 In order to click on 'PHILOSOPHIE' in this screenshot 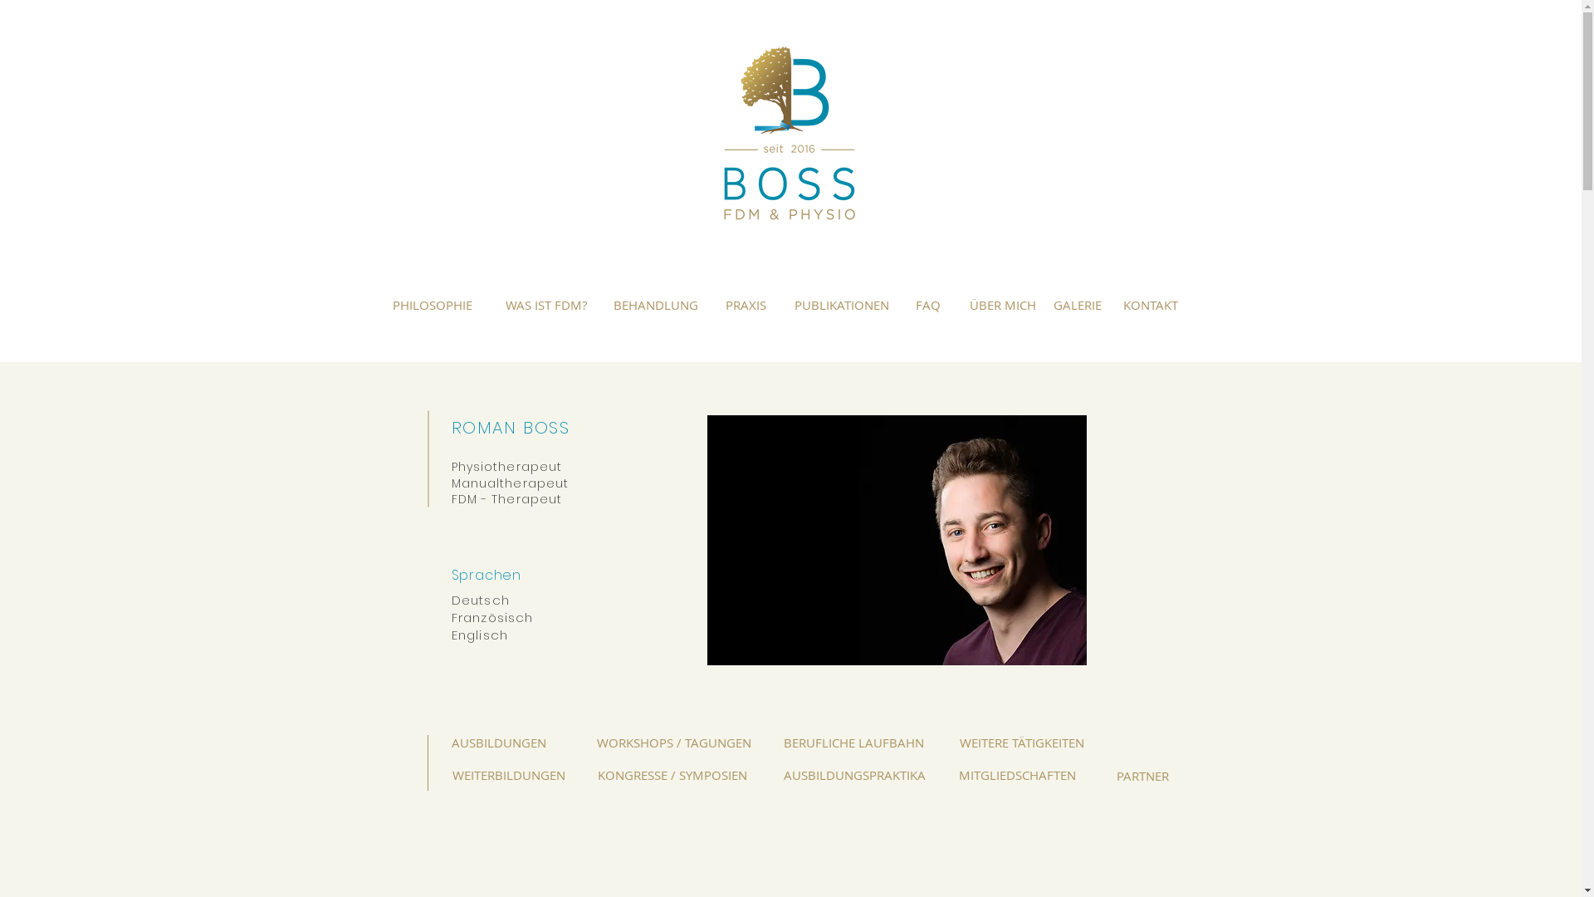, I will do `click(431, 304)`.